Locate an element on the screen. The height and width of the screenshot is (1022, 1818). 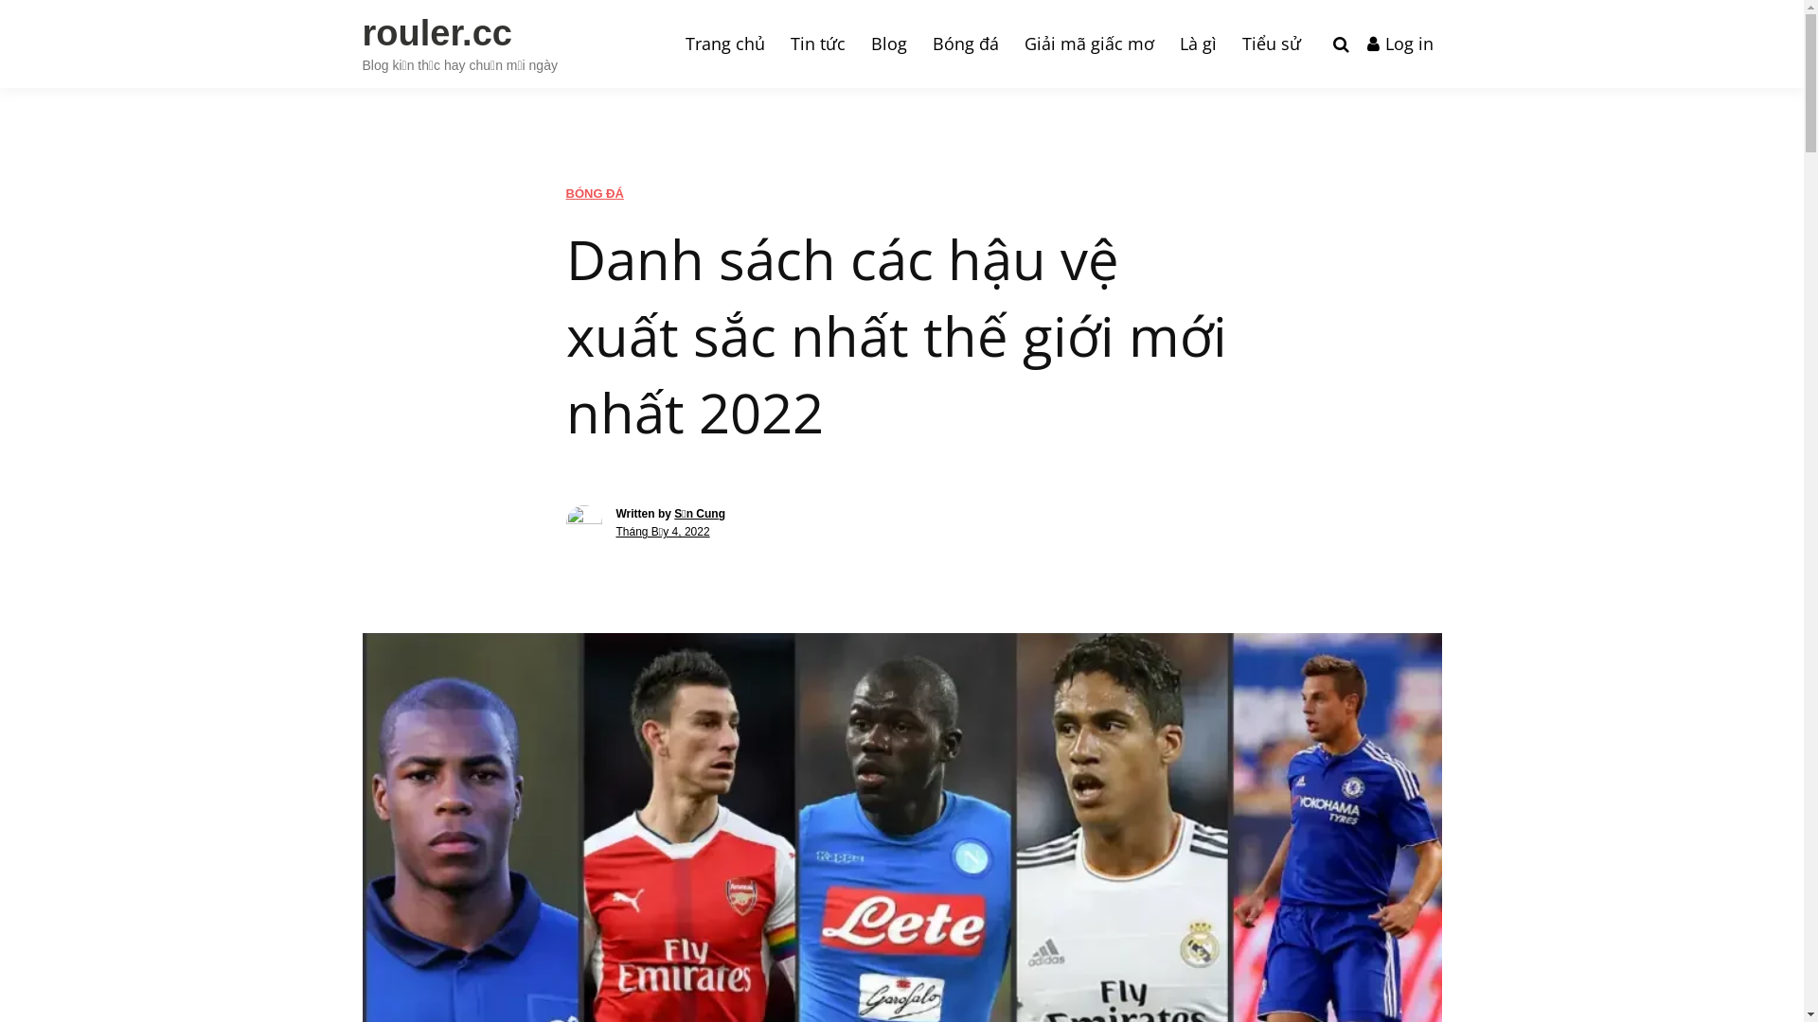
'Log in' is located at coordinates (1399, 43).